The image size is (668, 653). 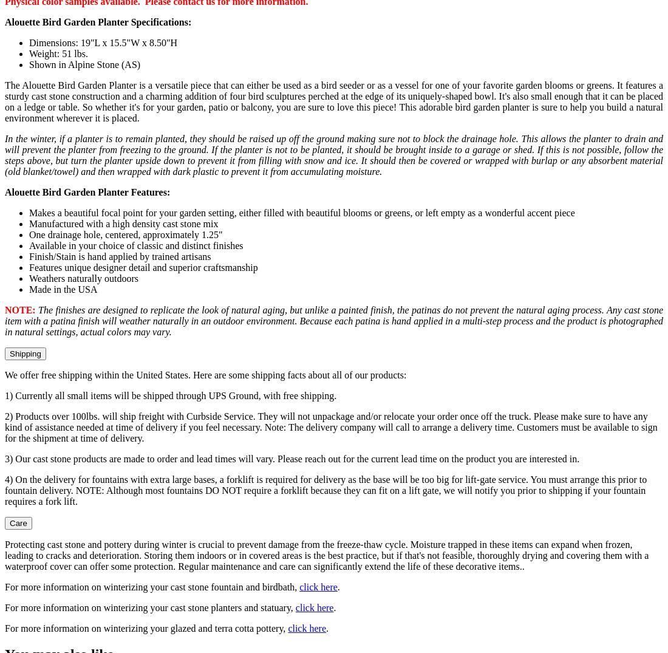 What do you see at coordinates (327, 555) in the screenshot?
I see `'Protecting cast stone and pottery during winter is crucial to prevent damage from the freeze-thaw cycle. Moisture trapped in these items can expand when frozen, leading to cracks and deterioration. Storing them indoors or in covered areas is the best practice, but if that's not feasible, thoroughly drying and covering them with a waterproof cover can offer some protection. Regular maintenance and care can significantly extend the life of these decorative items..'` at bounding box center [327, 555].